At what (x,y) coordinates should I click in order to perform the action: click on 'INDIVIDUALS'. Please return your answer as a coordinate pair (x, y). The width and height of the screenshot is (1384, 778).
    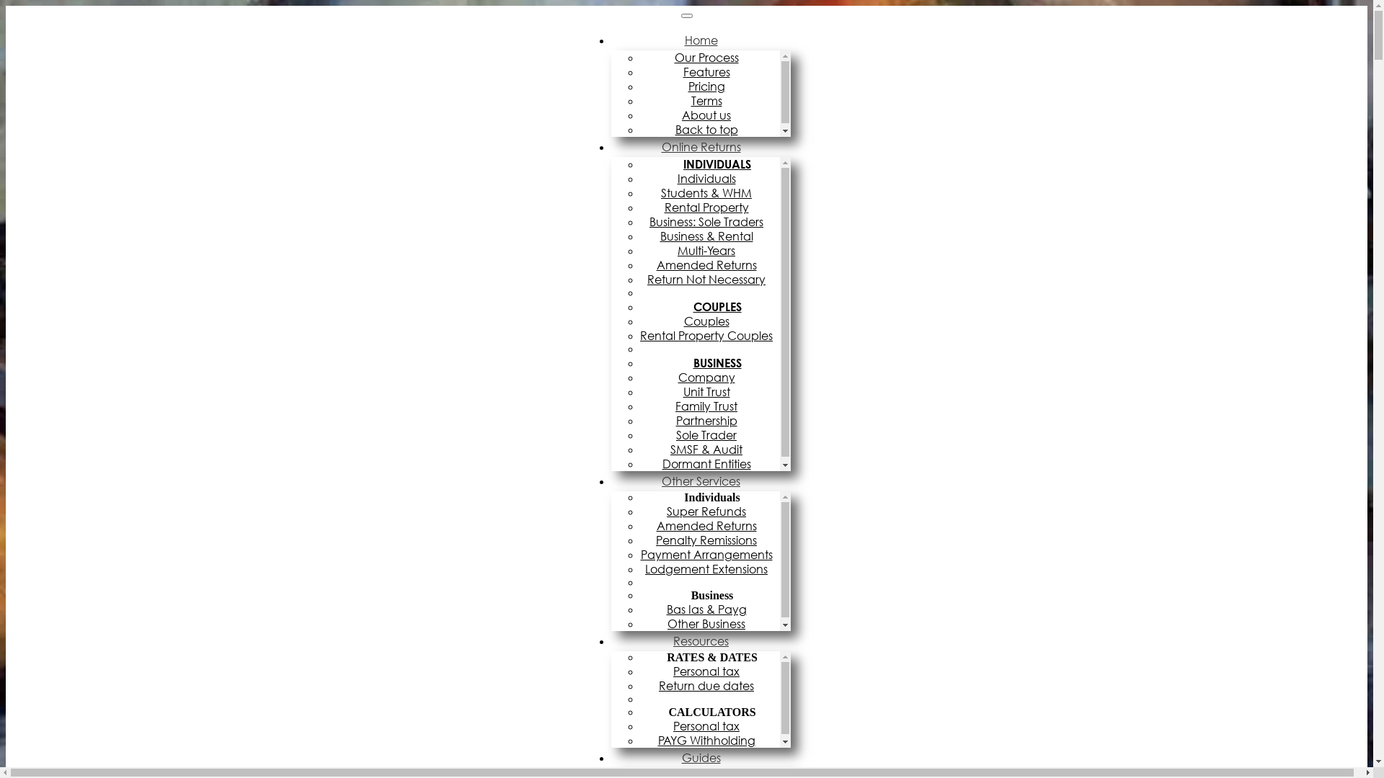
    Looking at the image, I should click on (709, 163).